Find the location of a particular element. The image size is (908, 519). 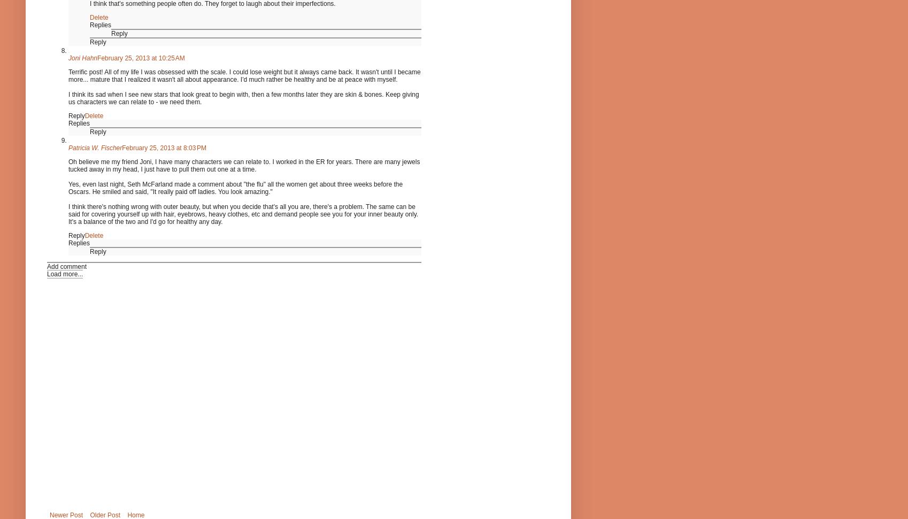

'Joni Hahn' is located at coordinates (68, 57).